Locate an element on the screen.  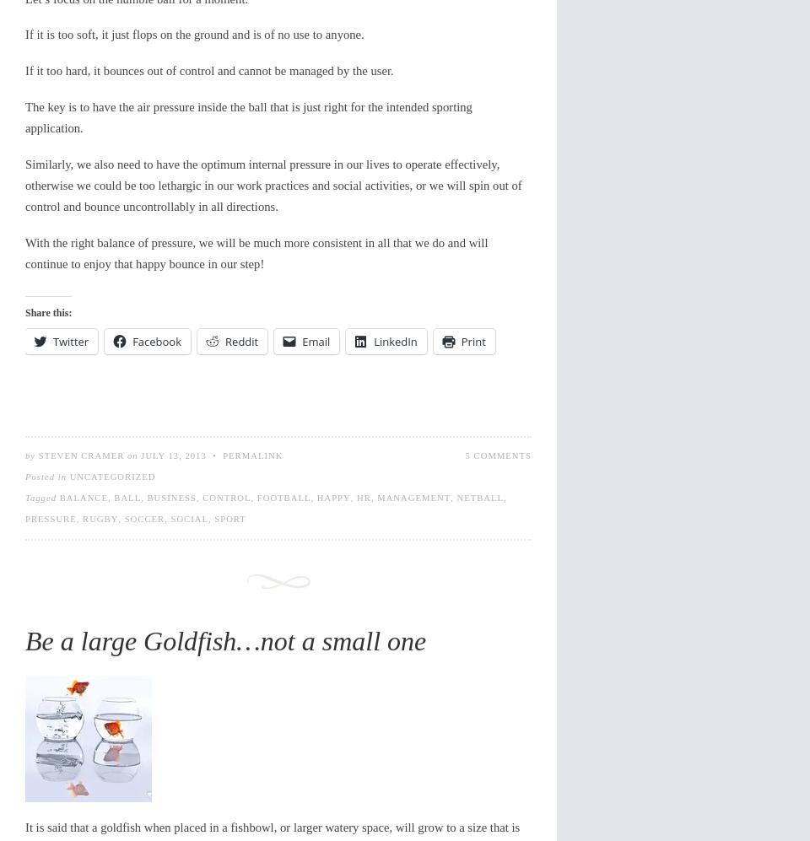
'Facebook' is located at coordinates (157, 341).